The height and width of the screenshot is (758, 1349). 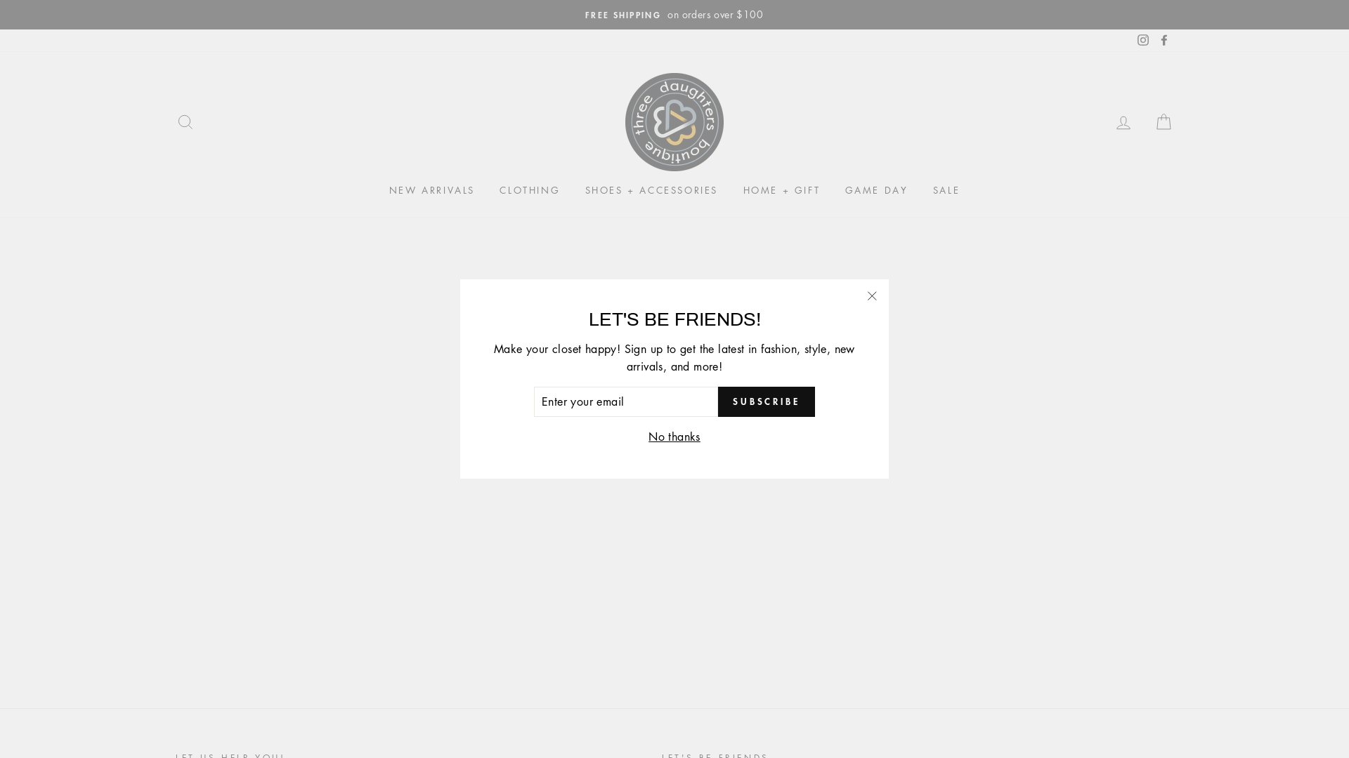 I want to click on 'LOG IN', so click(x=1122, y=121).